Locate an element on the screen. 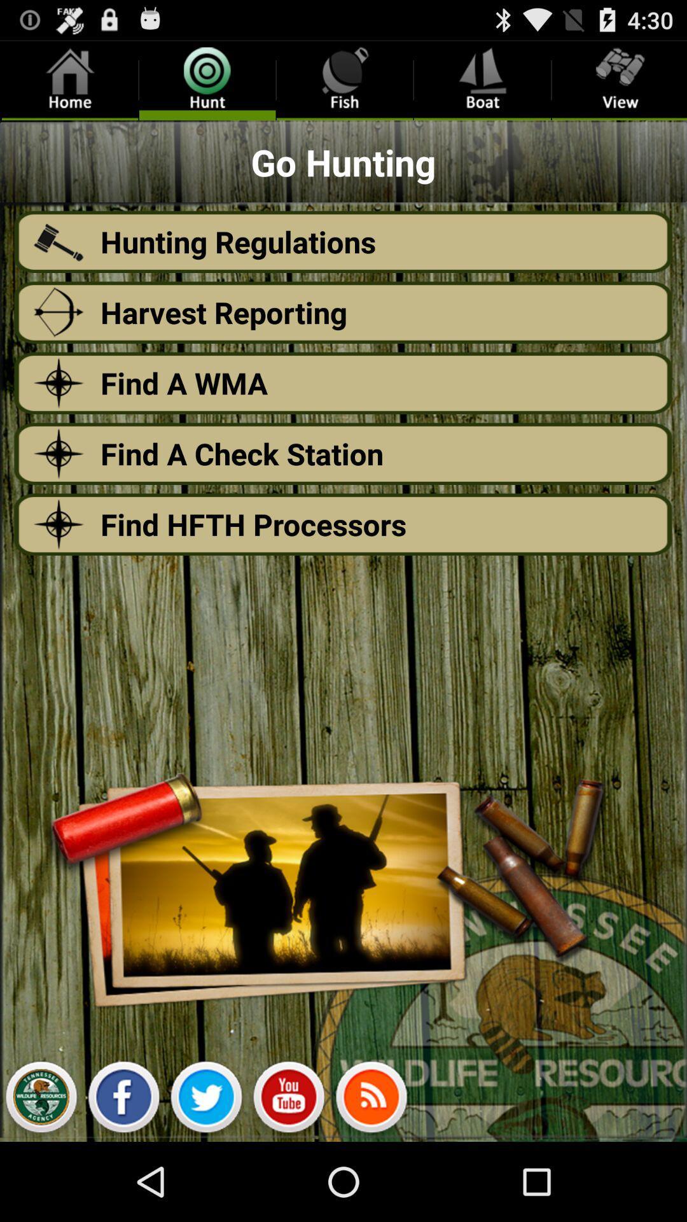 This screenshot has width=687, height=1222. click youtube icon is located at coordinates (289, 1100).